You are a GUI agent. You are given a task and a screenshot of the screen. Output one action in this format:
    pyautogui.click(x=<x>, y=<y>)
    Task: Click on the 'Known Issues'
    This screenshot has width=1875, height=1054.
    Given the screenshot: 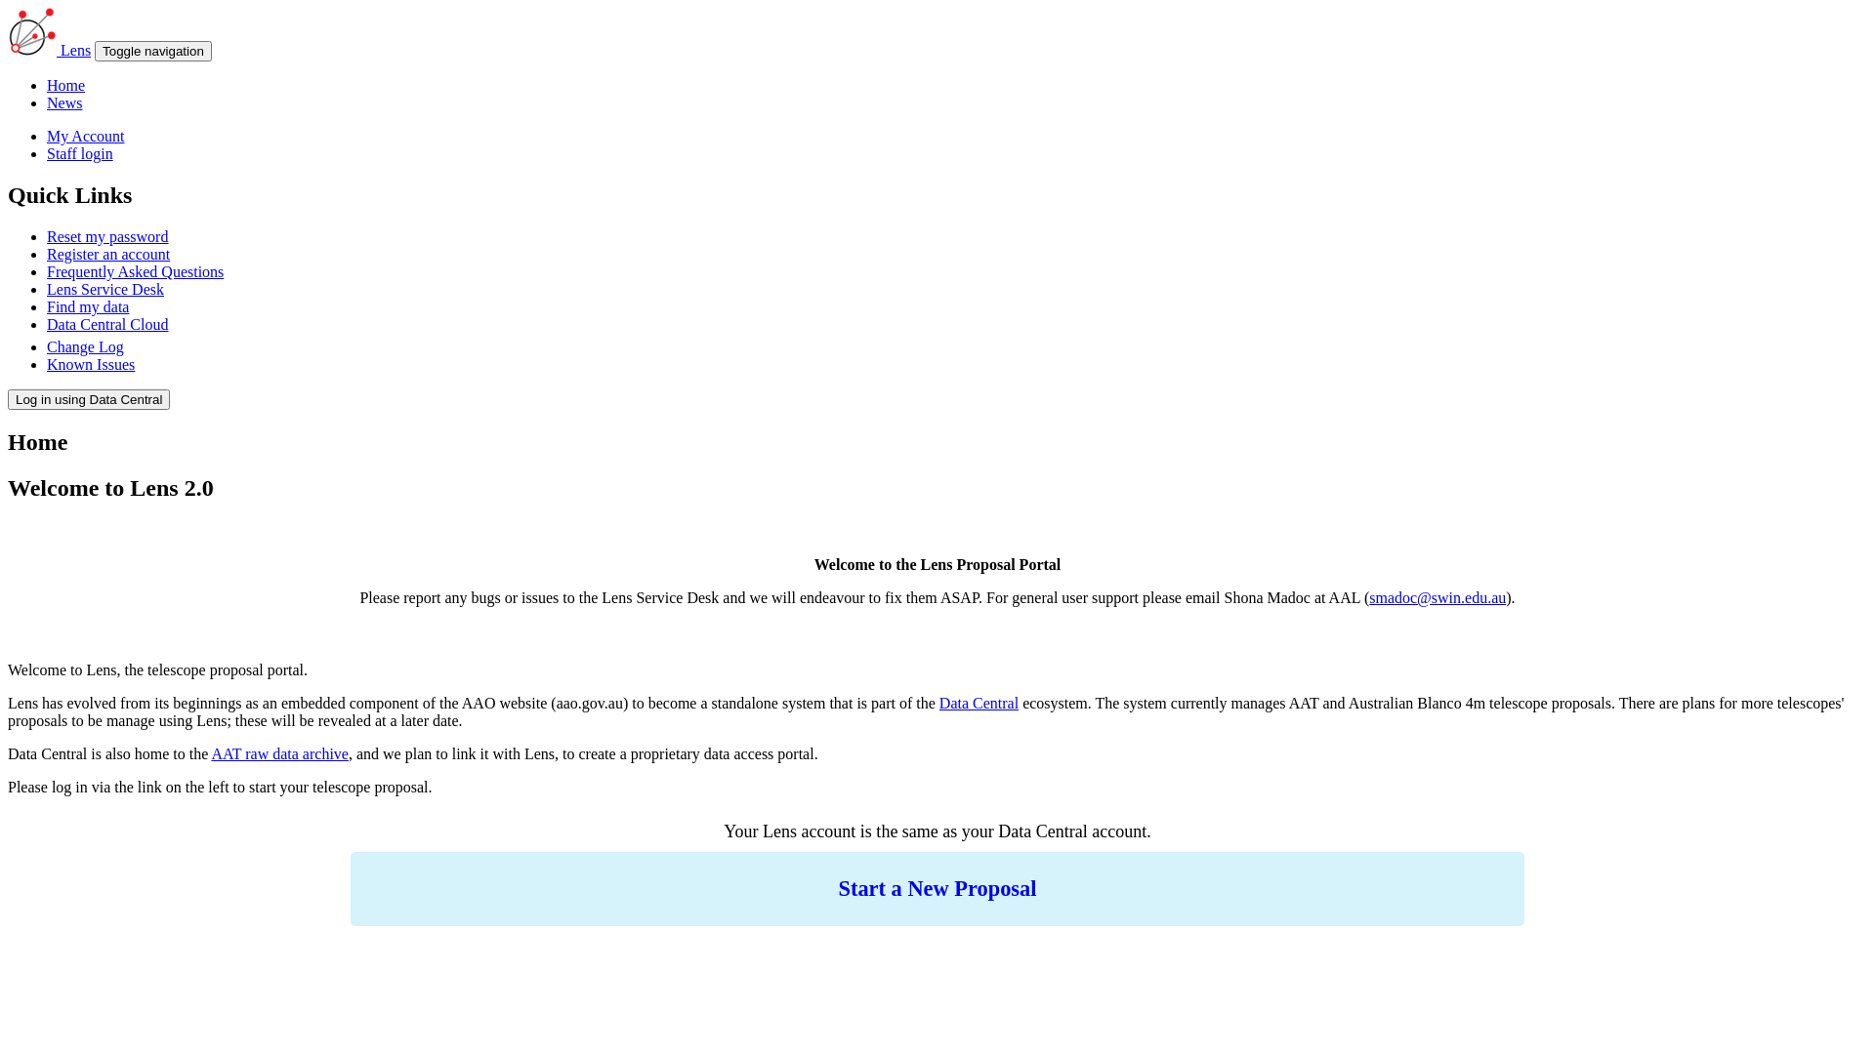 What is the action you would take?
    pyautogui.click(x=89, y=364)
    